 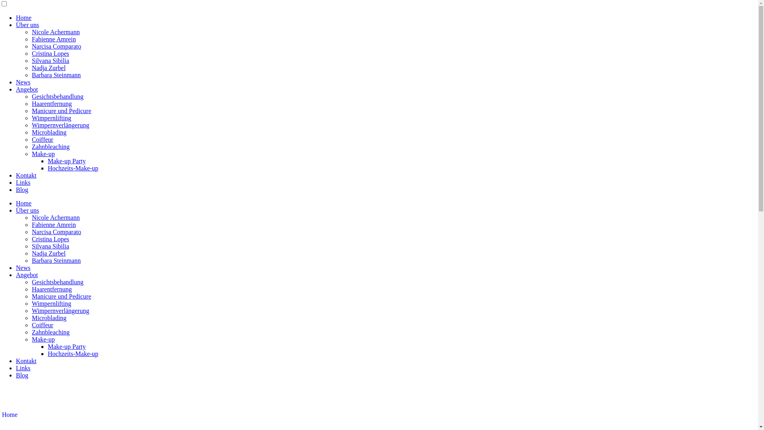 I want to click on 'Narcisa Comparato', so click(x=32, y=232).